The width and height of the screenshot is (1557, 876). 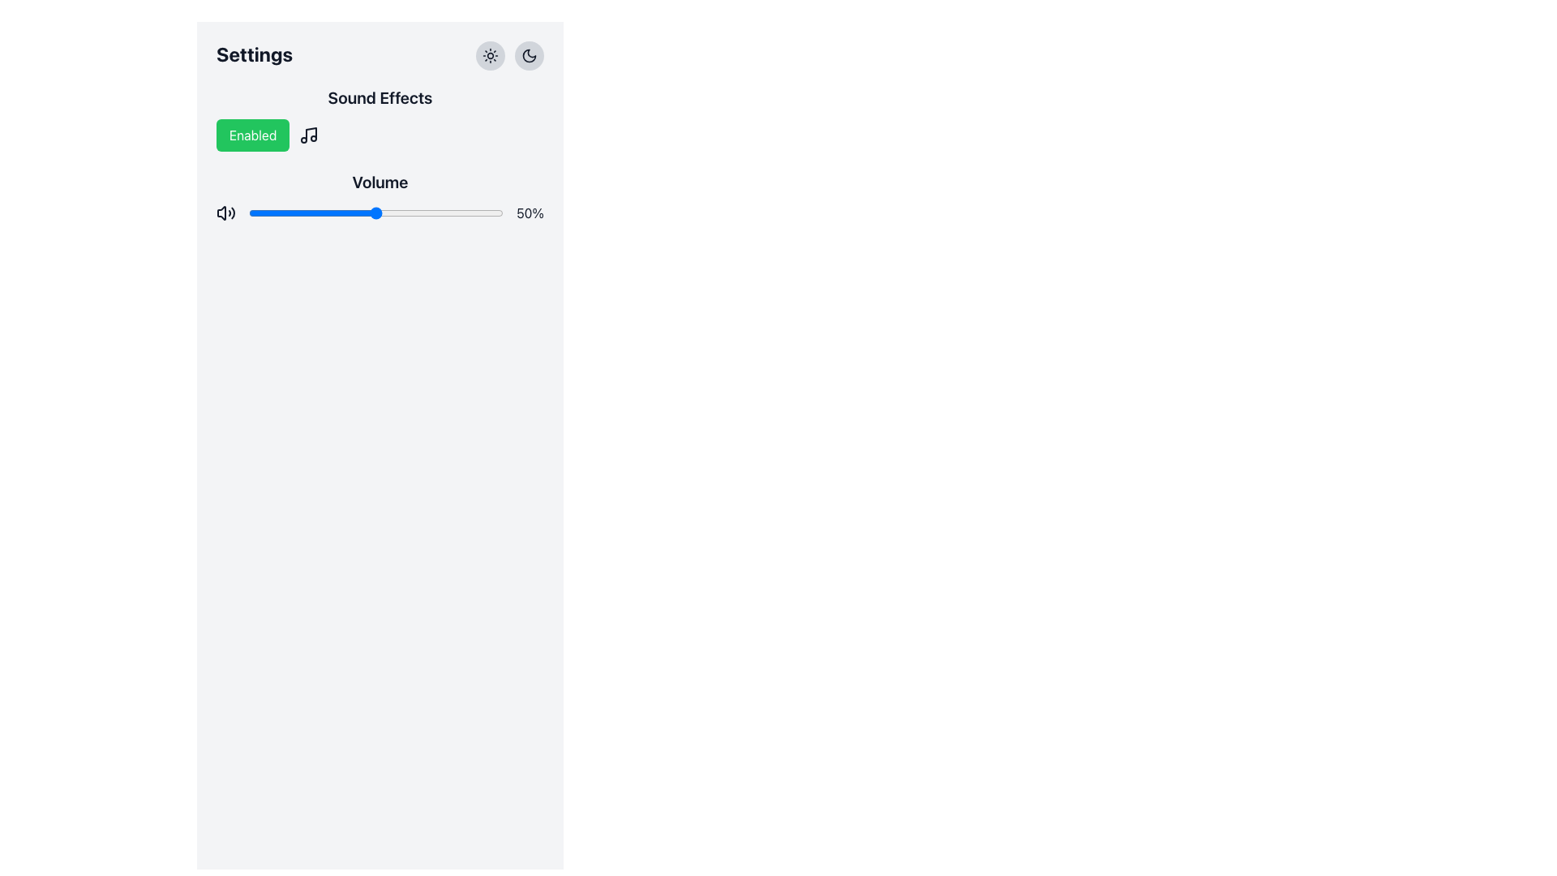 I want to click on the button in the top-right corner of the settings panel, so click(x=489, y=55).